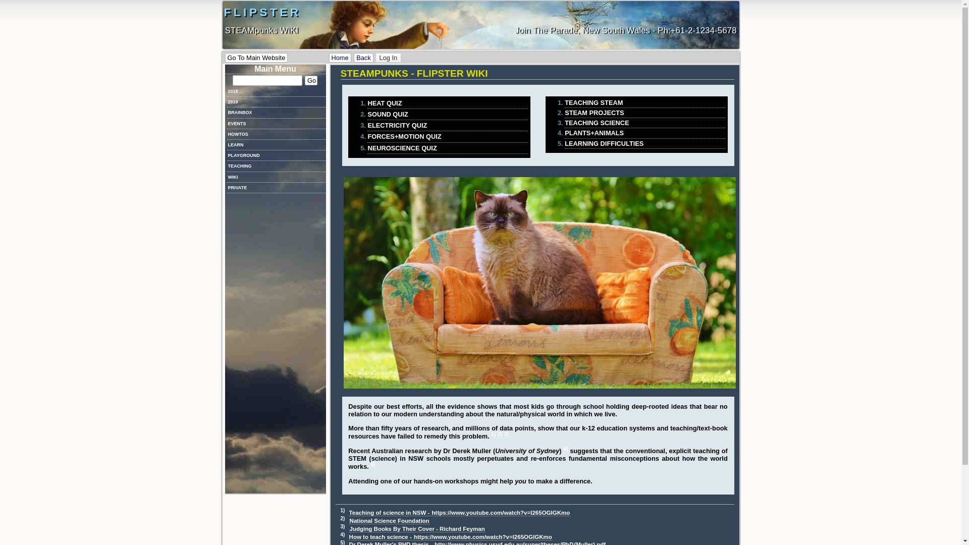 The image size is (969, 545). I want to click on 'EVENTS', so click(276, 123).